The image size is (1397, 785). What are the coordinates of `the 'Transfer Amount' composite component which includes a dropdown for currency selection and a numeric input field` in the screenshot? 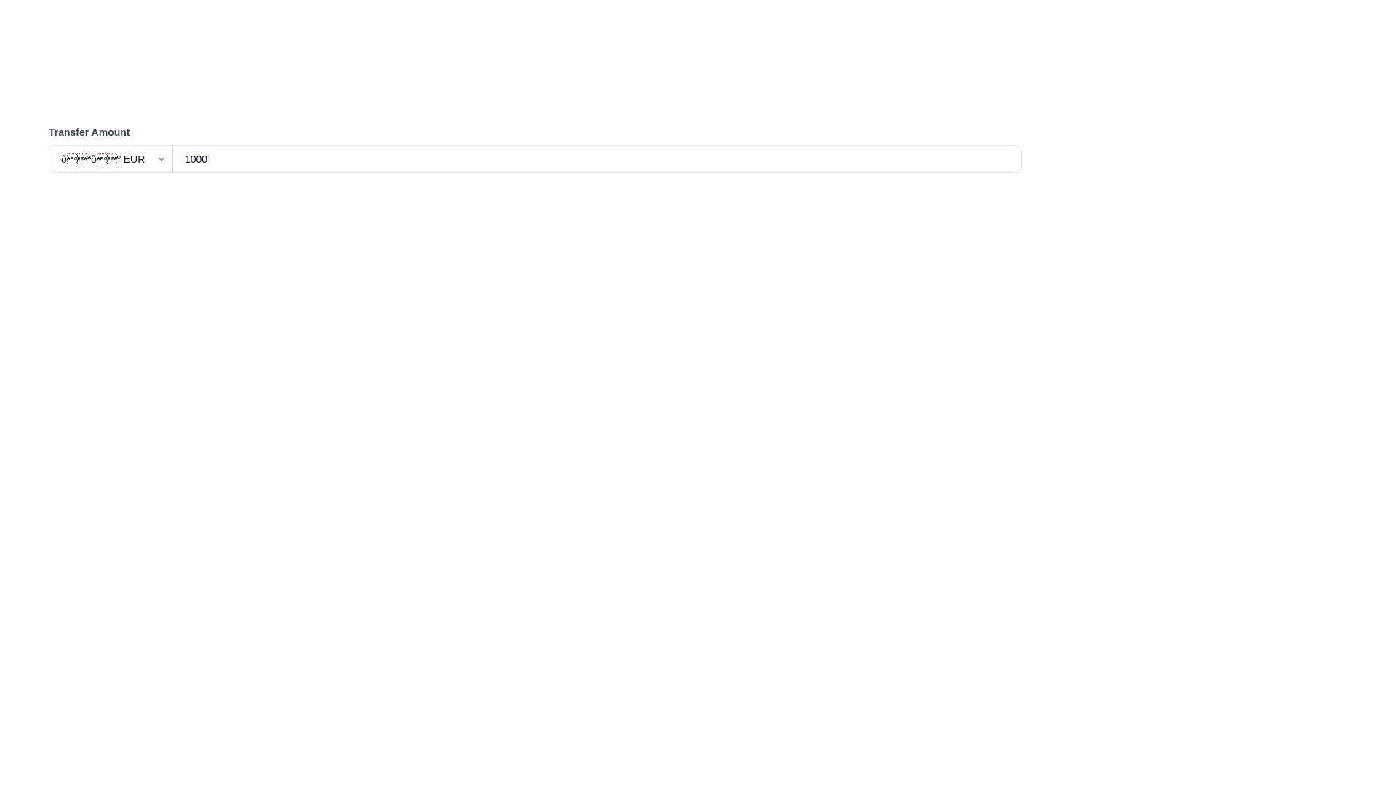 It's located at (534, 148).